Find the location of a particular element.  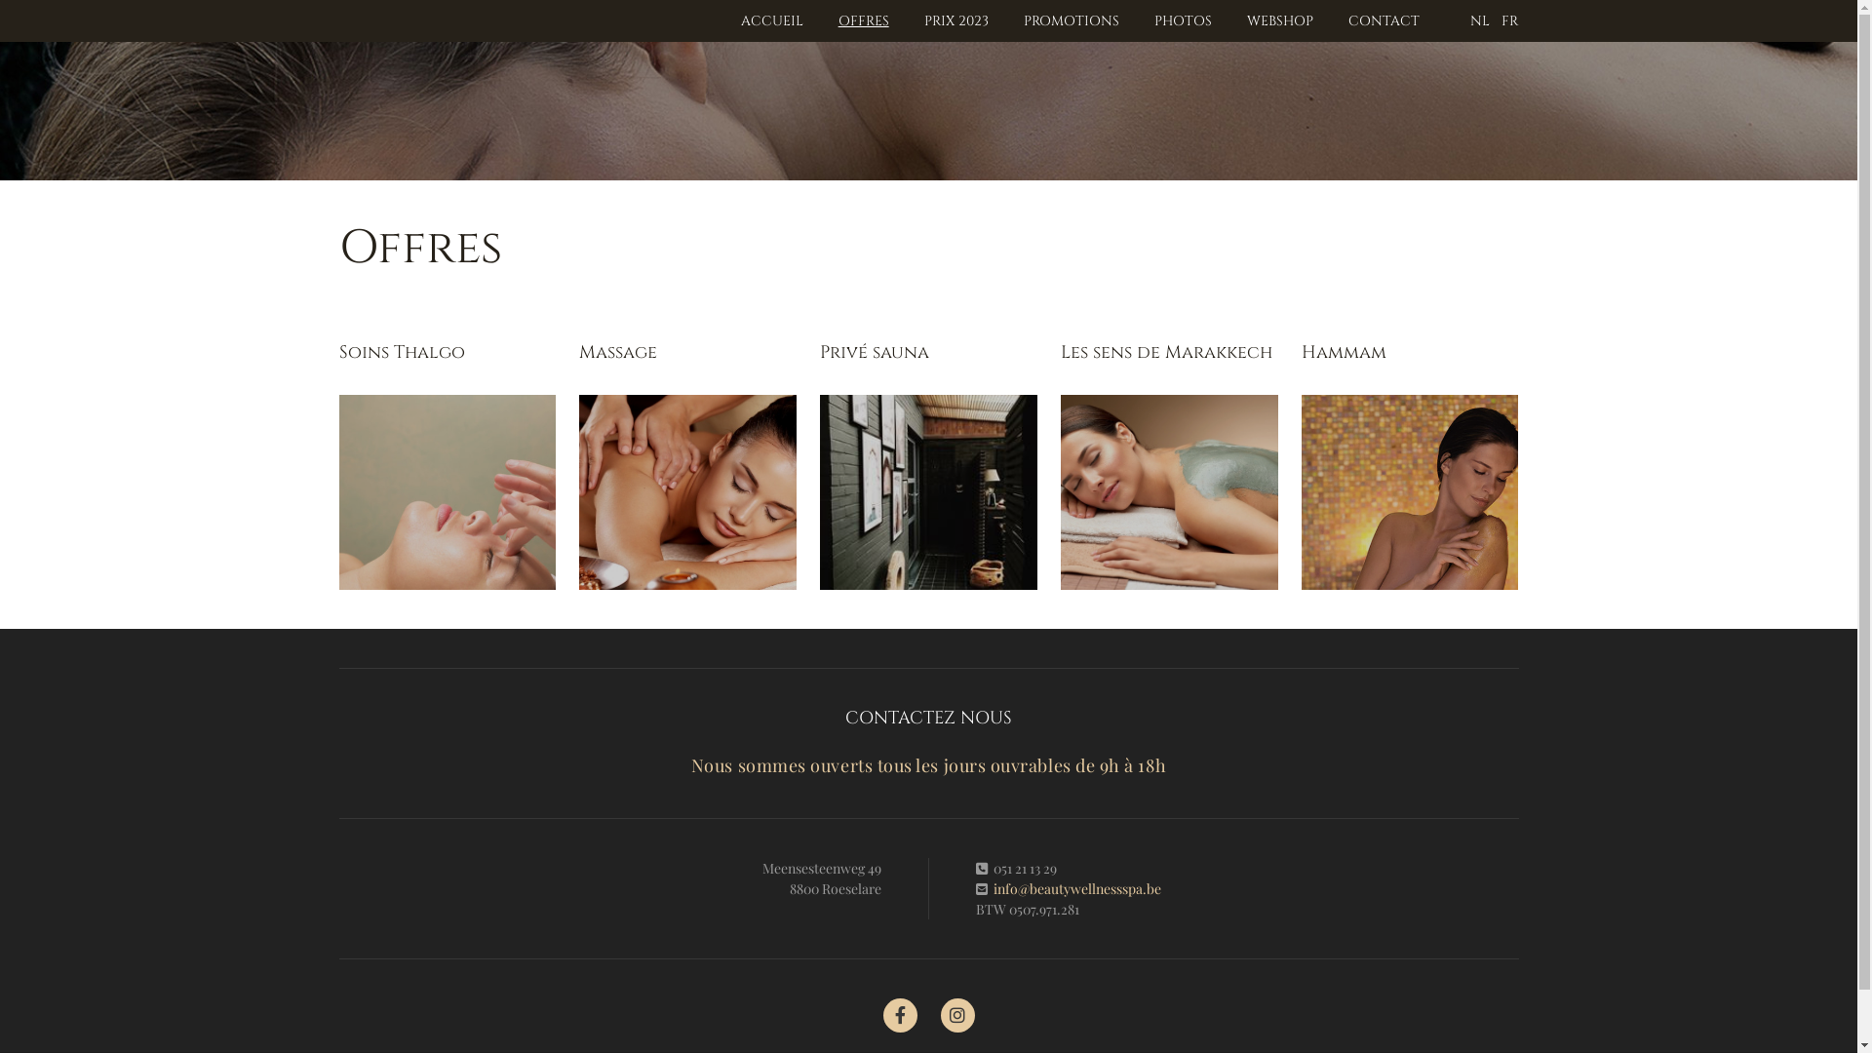

'OFFRES' is located at coordinates (863, 20).